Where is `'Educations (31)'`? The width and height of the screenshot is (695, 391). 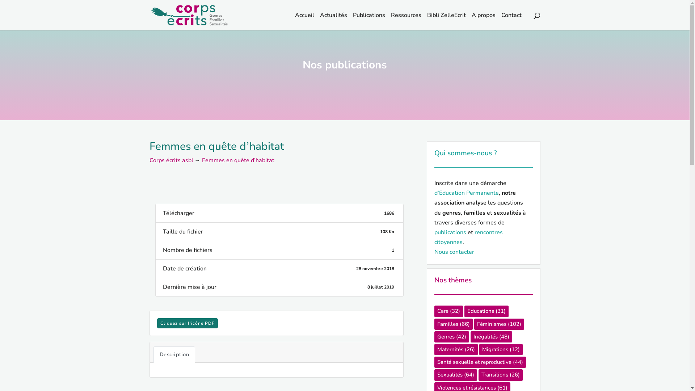
'Educations (31)' is located at coordinates (486, 311).